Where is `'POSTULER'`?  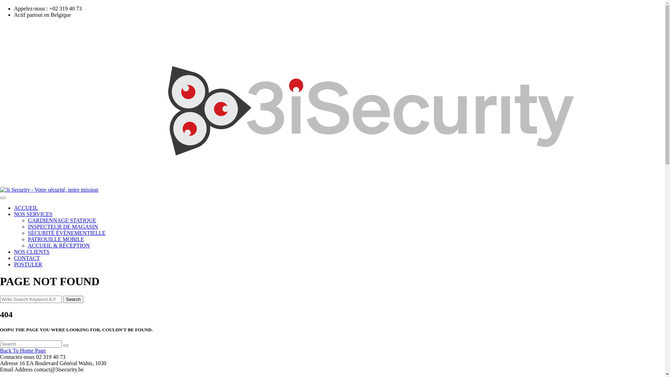
'POSTULER' is located at coordinates (28, 264).